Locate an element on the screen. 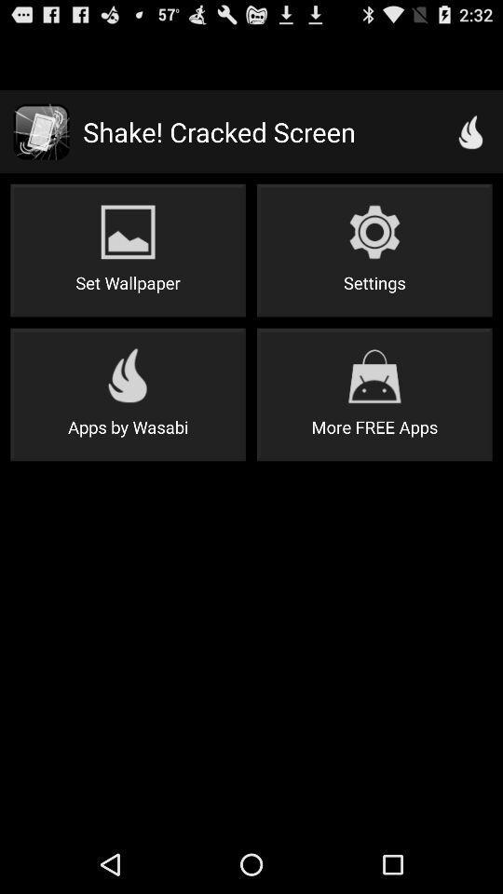 This screenshot has height=894, width=503. item below settings item is located at coordinates (374, 394).